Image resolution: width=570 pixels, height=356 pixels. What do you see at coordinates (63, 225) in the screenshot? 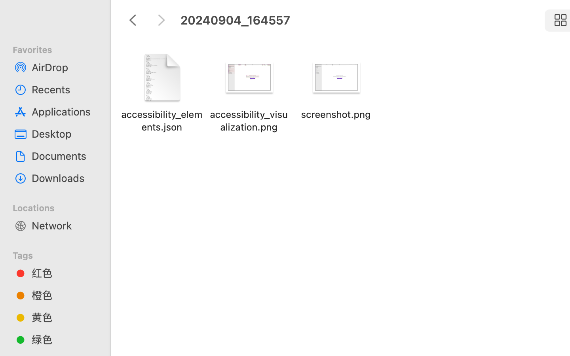
I see `'Network'` at bounding box center [63, 225].